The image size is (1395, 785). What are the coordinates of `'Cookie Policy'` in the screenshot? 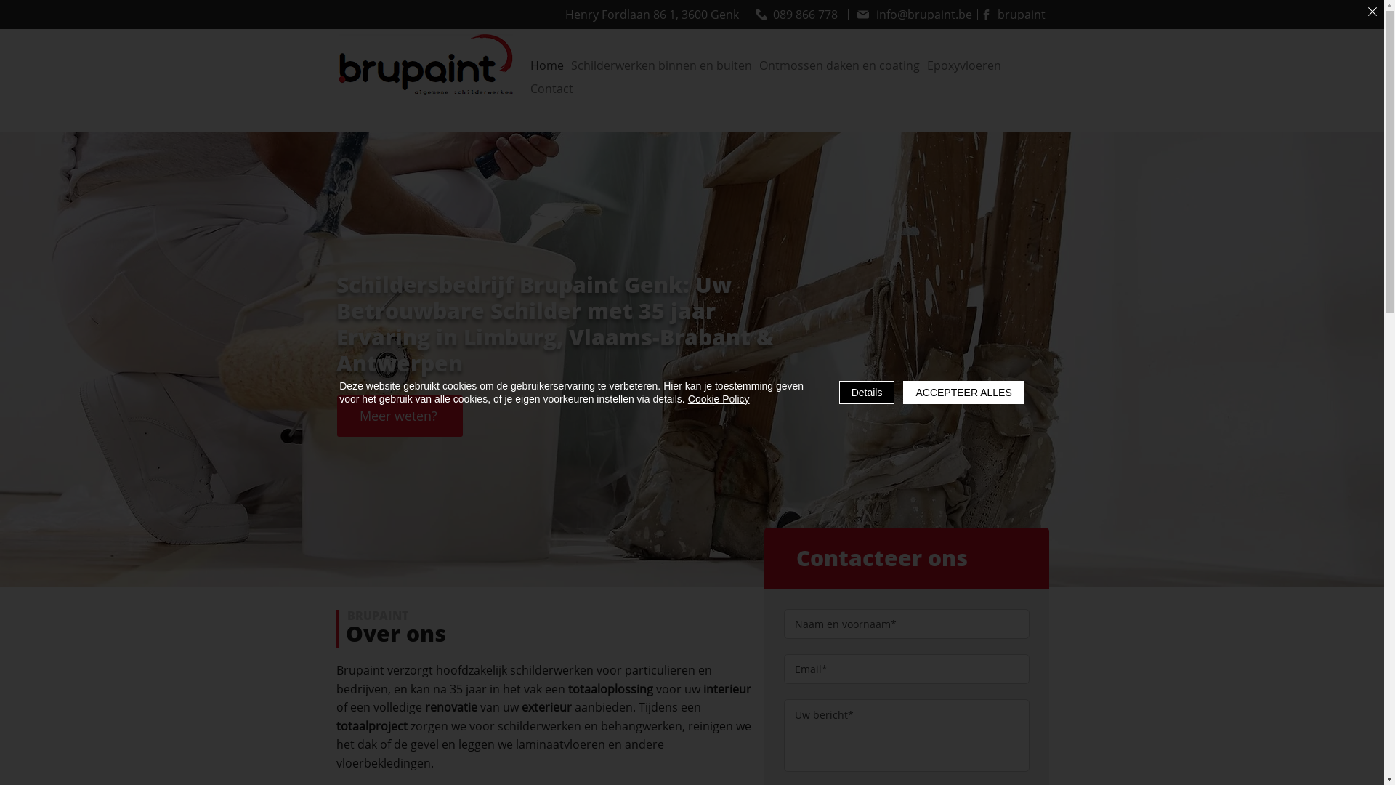 It's located at (719, 398).